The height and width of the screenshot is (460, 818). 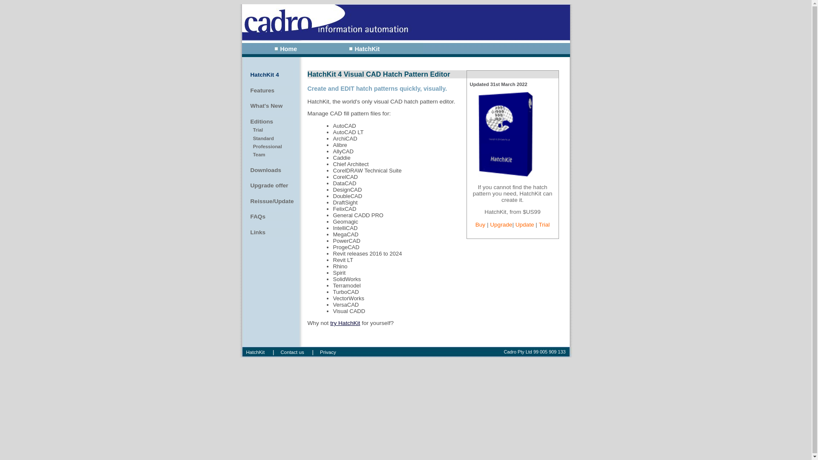 I want to click on 'Buy', so click(x=475, y=224).